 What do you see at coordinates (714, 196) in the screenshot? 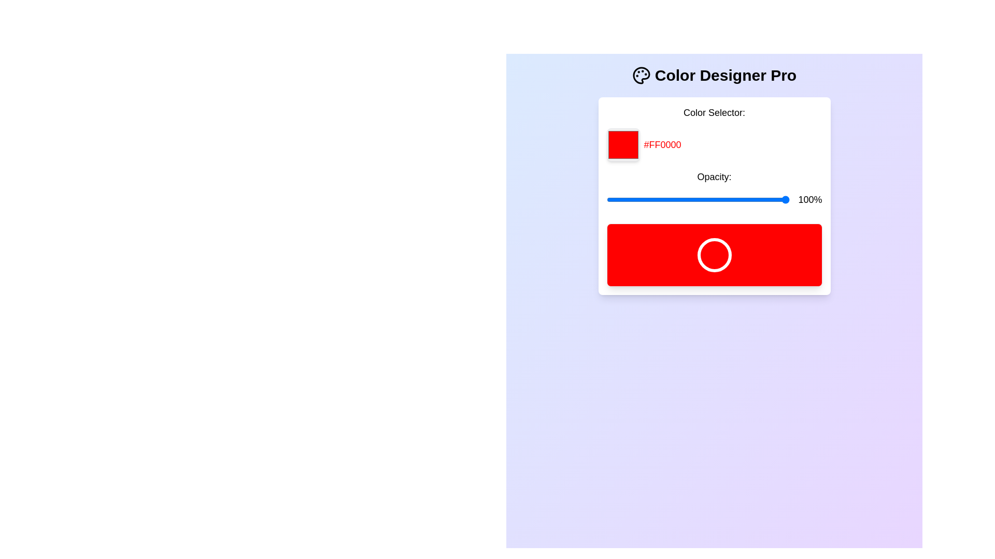
I see `the 'Color Selector' UI component` at bounding box center [714, 196].